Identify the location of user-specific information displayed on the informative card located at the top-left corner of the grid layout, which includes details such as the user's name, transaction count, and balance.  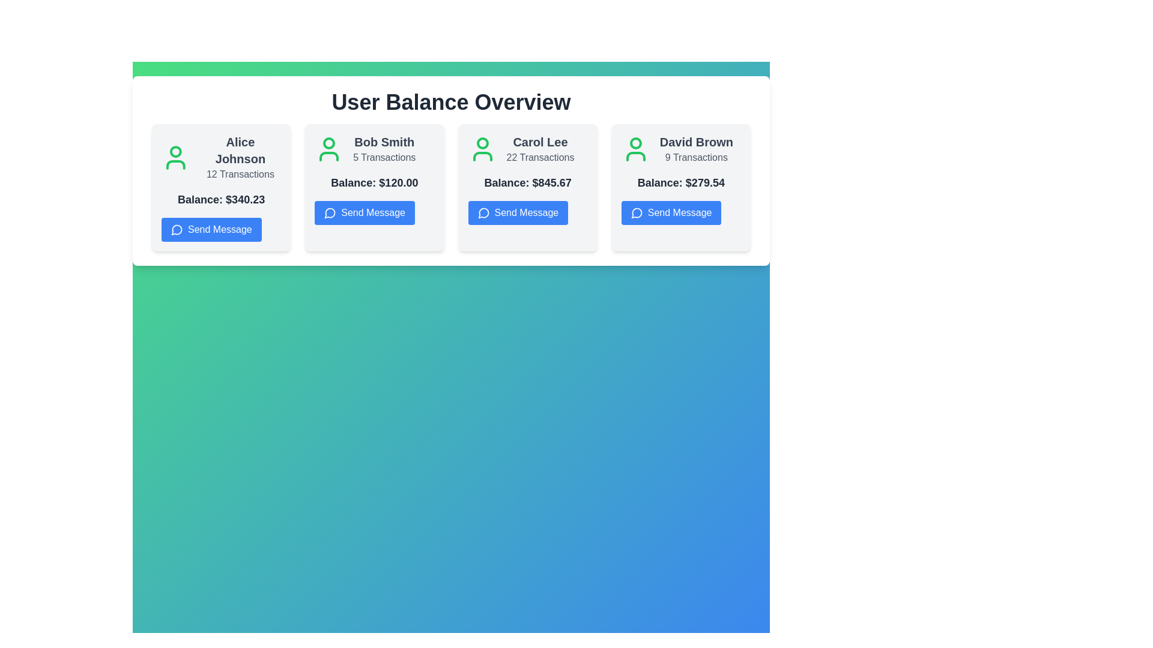
(221, 187).